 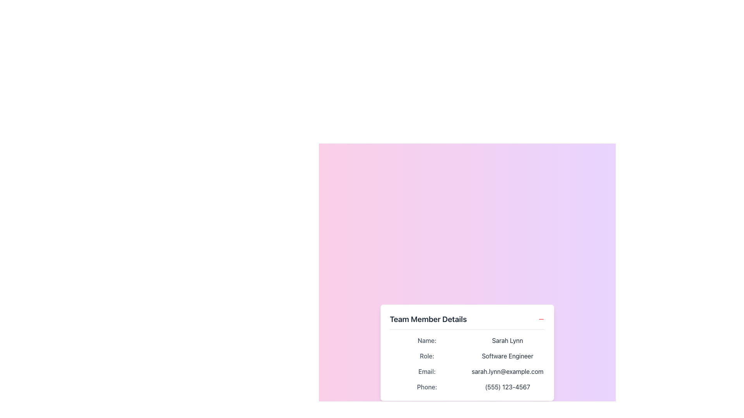 I want to click on the text display showing the phone number '(555) 123-4567' in dark gray, located in the bottom-right corner of a two-column grid layout, following the 'Phone:' label, so click(x=508, y=387).